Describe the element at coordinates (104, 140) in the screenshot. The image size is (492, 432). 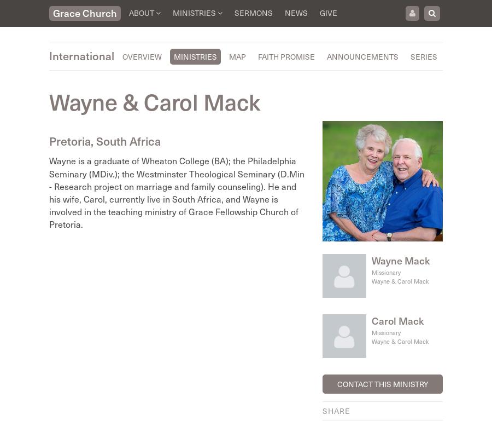
I see `'Pretoria,   South Africa'` at that location.